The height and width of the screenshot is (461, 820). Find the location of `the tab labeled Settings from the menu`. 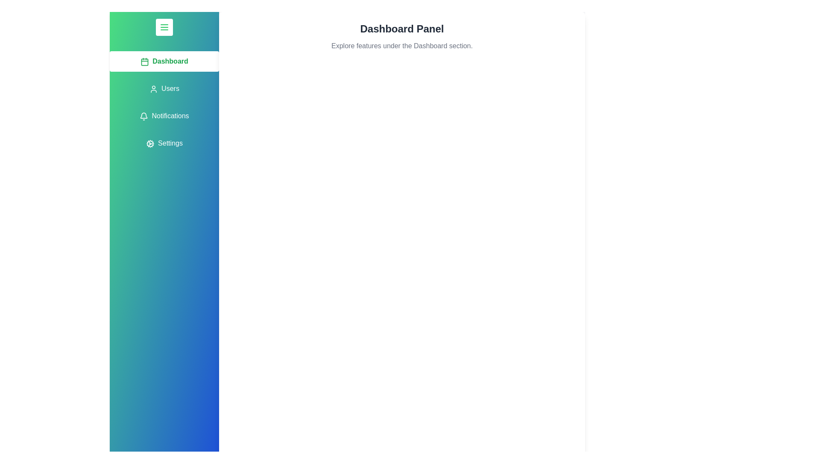

the tab labeled Settings from the menu is located at coordinates (164, 143).